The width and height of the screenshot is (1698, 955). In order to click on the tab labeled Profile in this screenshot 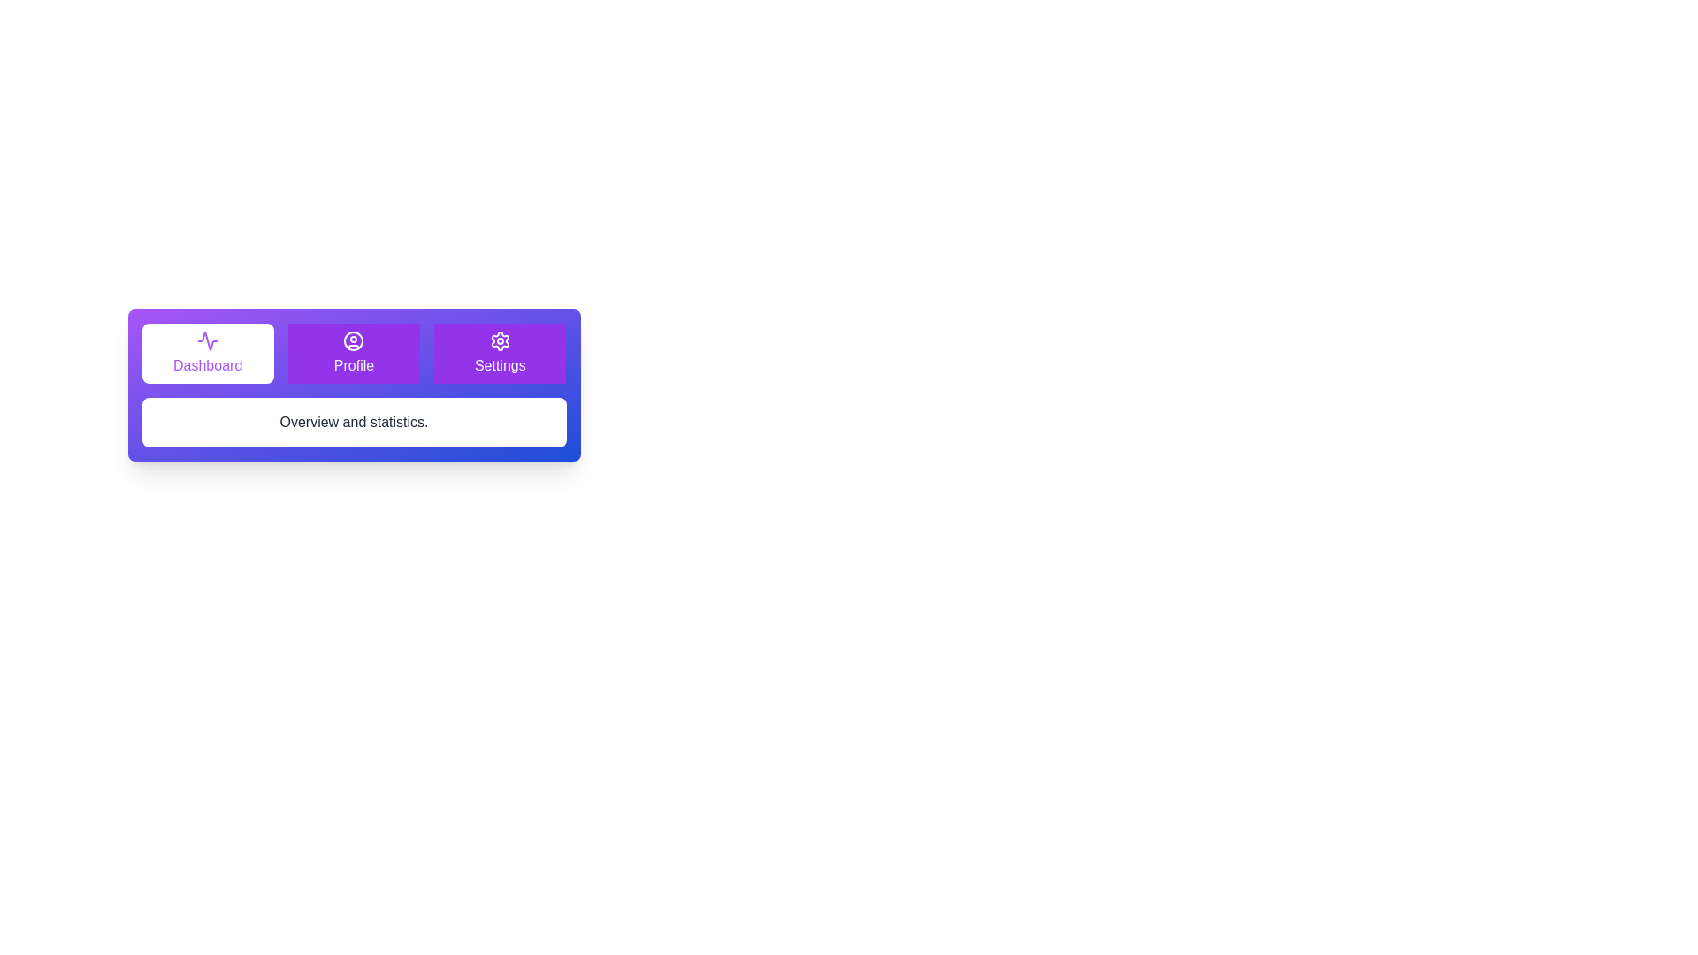, I will do `click(354, 354)`.